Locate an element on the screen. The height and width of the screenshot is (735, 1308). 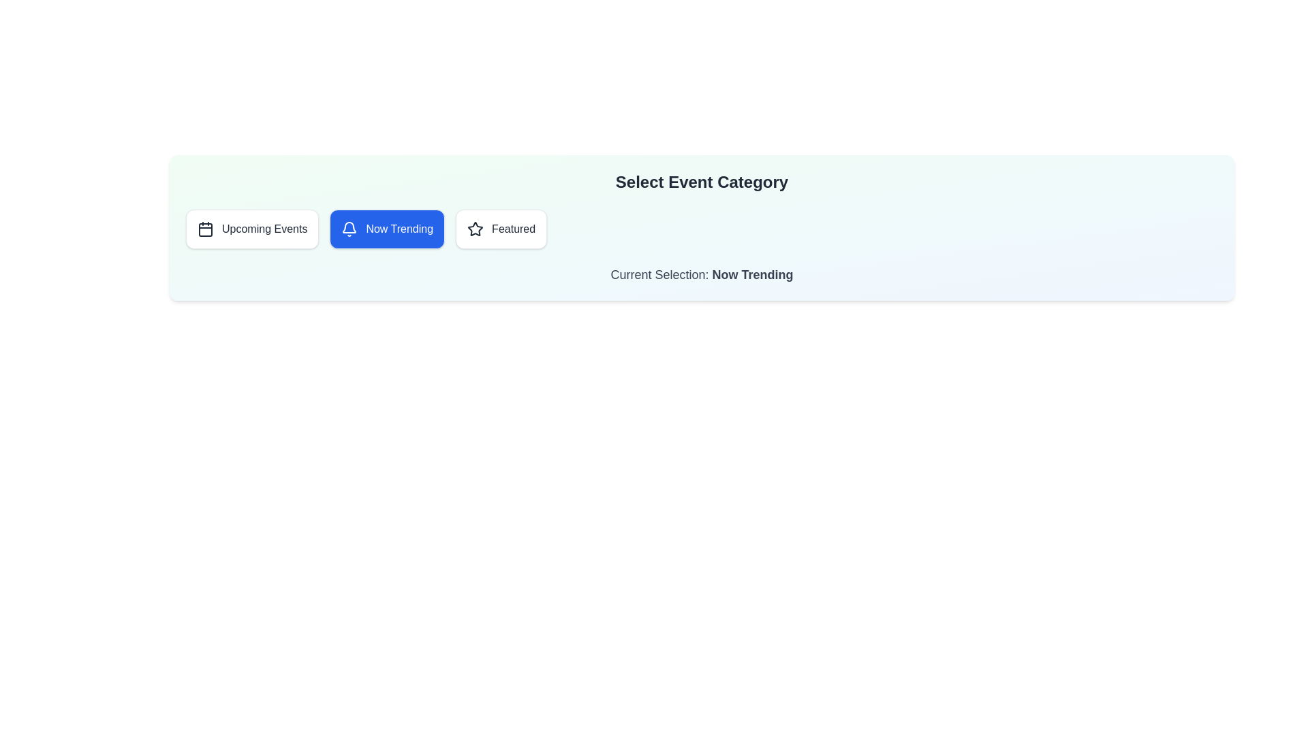
the 'Upcoming Events' button, which is a horizontal button with a white background and gray border is located at coordinates (252, 228).